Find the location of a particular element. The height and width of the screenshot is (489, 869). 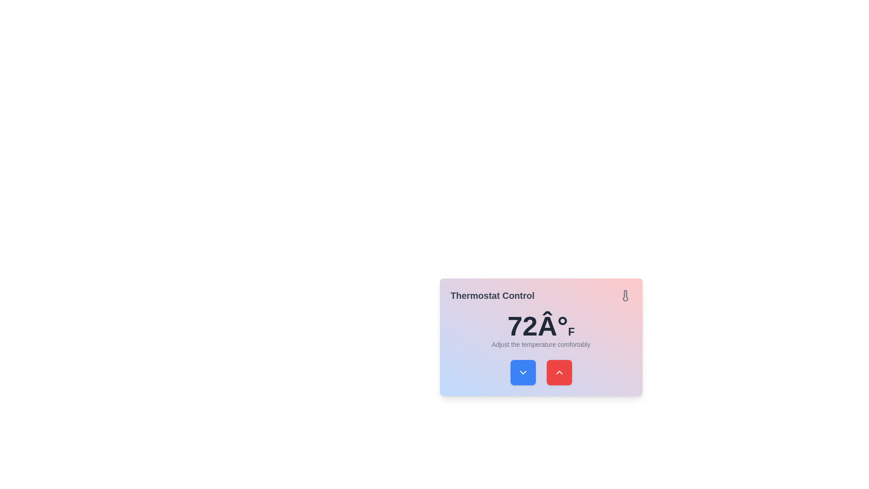

the thermometer icon located at the upper-right corner of the 'Thermostat Control' section for information is located at coordinates (625, 295).